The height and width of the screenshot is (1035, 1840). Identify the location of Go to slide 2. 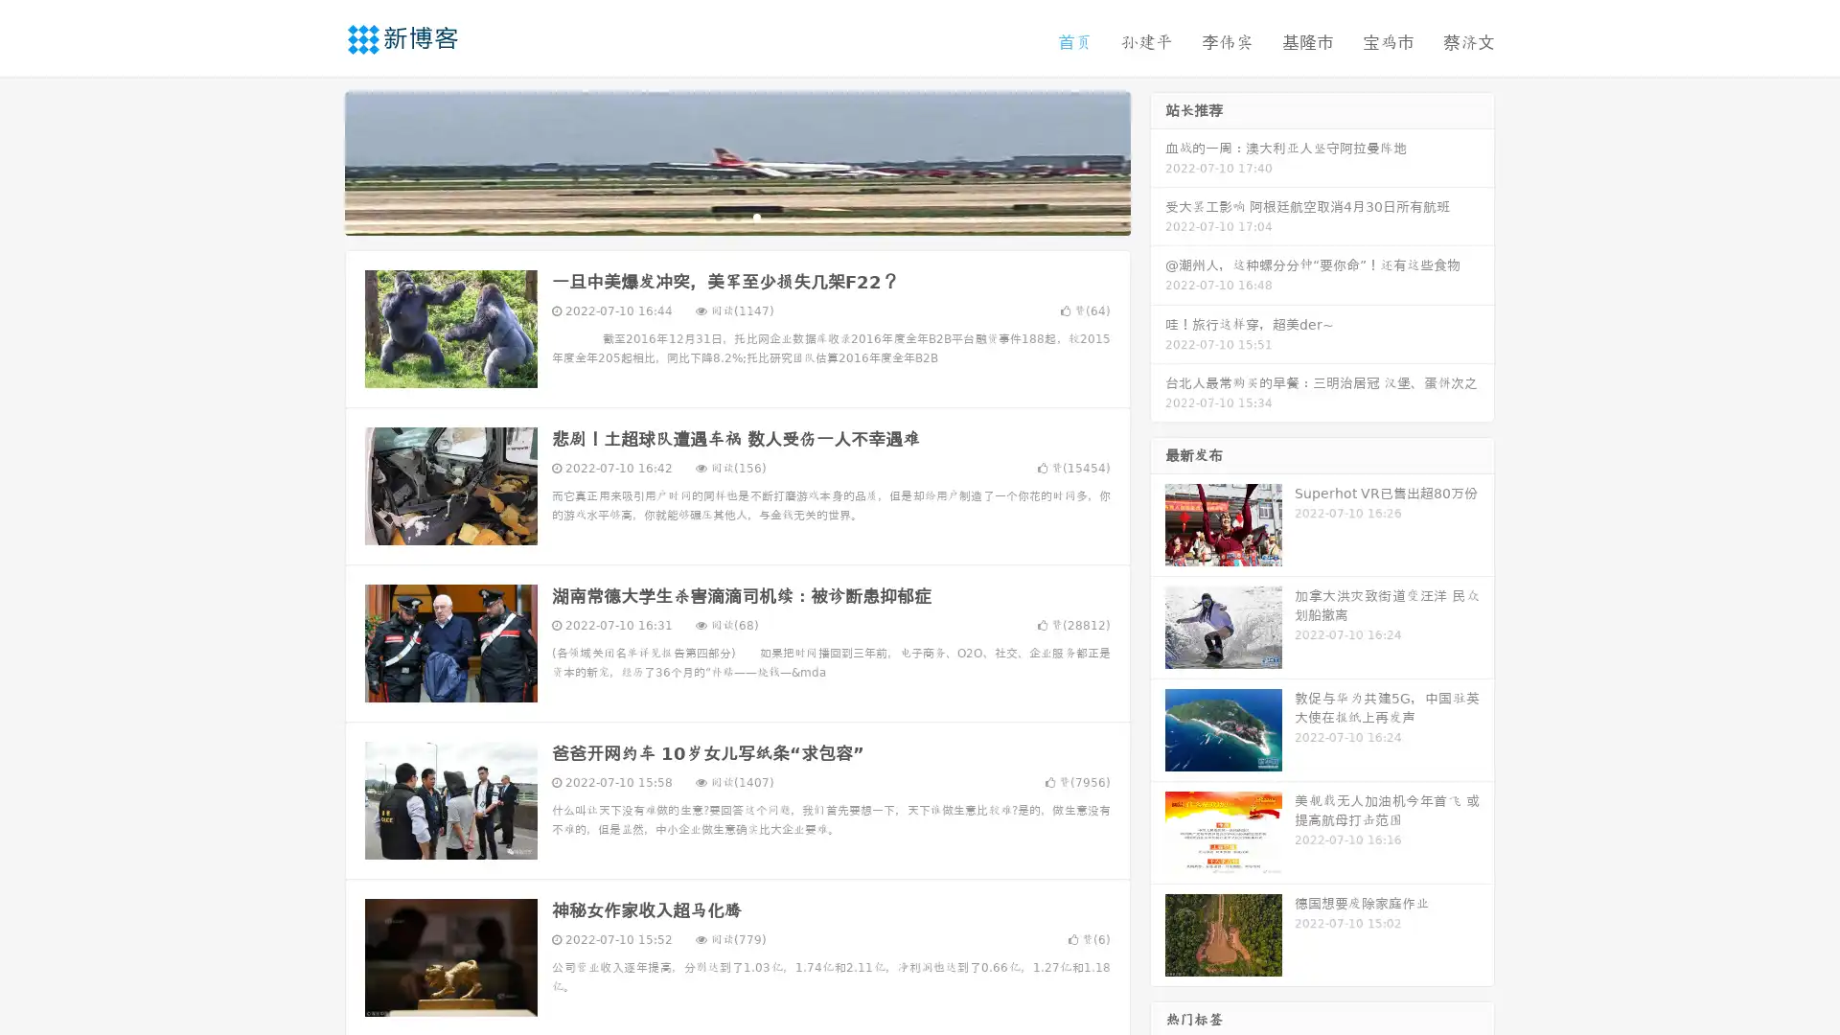
(736, 216).